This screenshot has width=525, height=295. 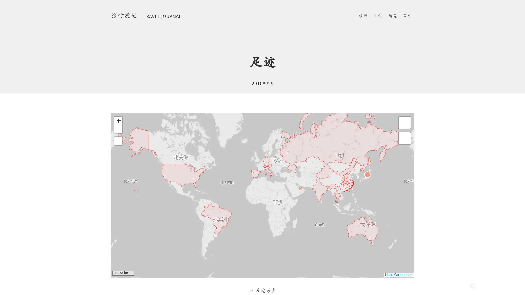 I want to click on 2, so click(x=223, y=226).